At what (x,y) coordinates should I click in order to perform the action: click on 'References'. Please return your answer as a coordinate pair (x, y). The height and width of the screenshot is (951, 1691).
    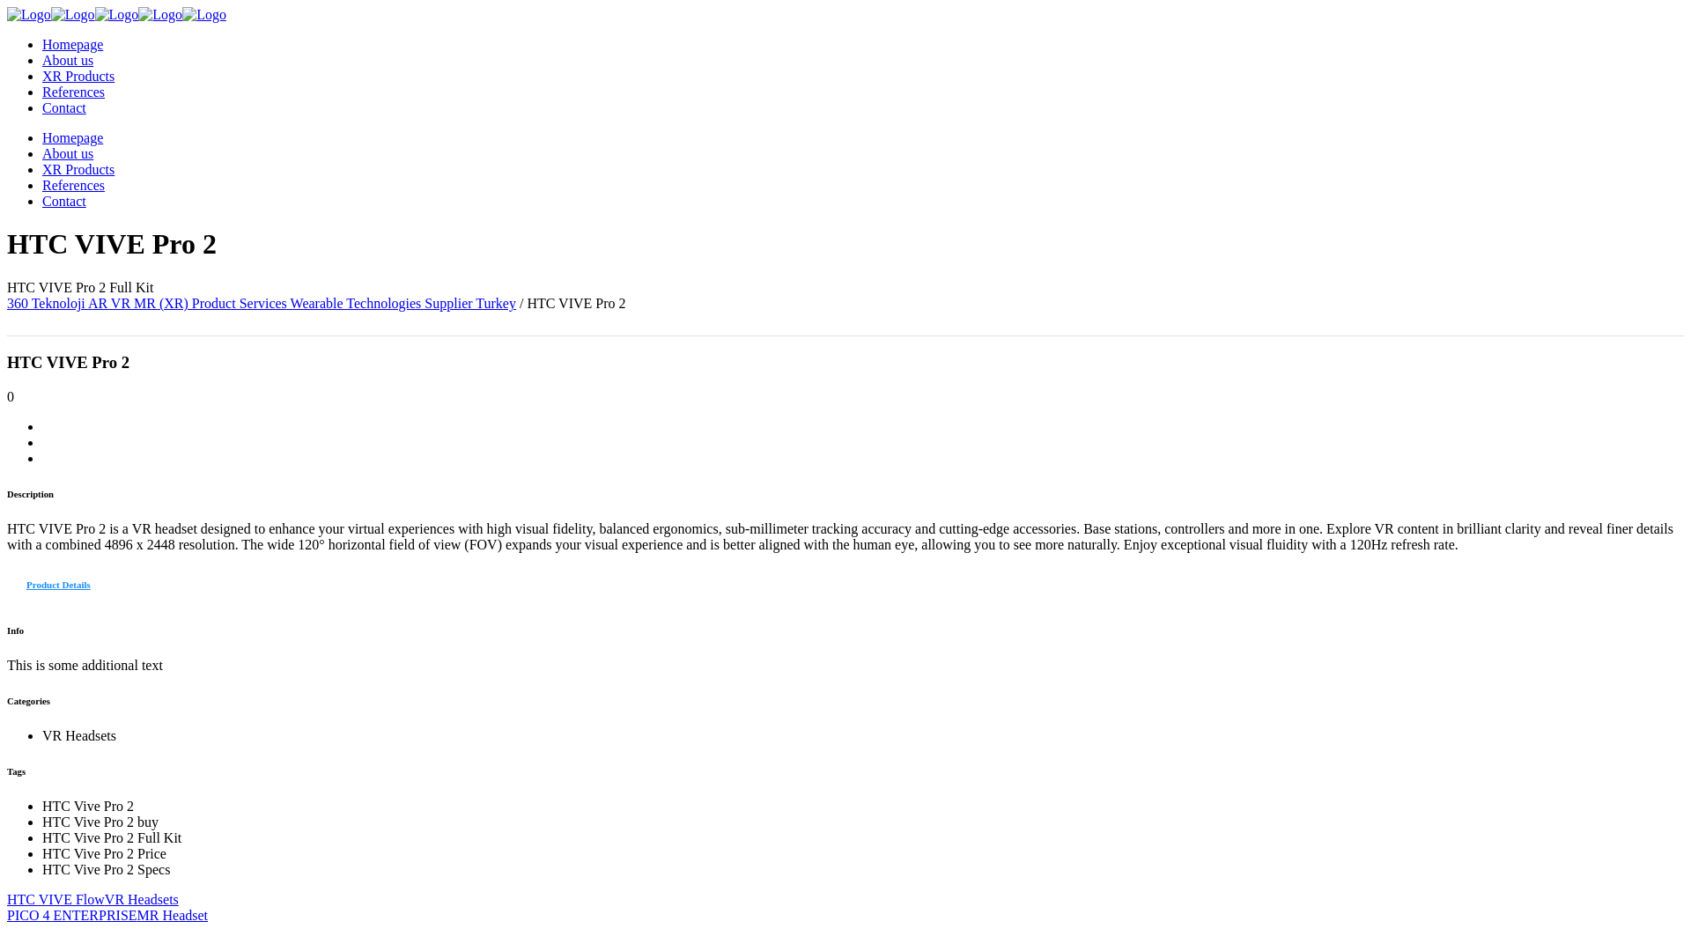
    Looking at the image, I should click on (72, 92).